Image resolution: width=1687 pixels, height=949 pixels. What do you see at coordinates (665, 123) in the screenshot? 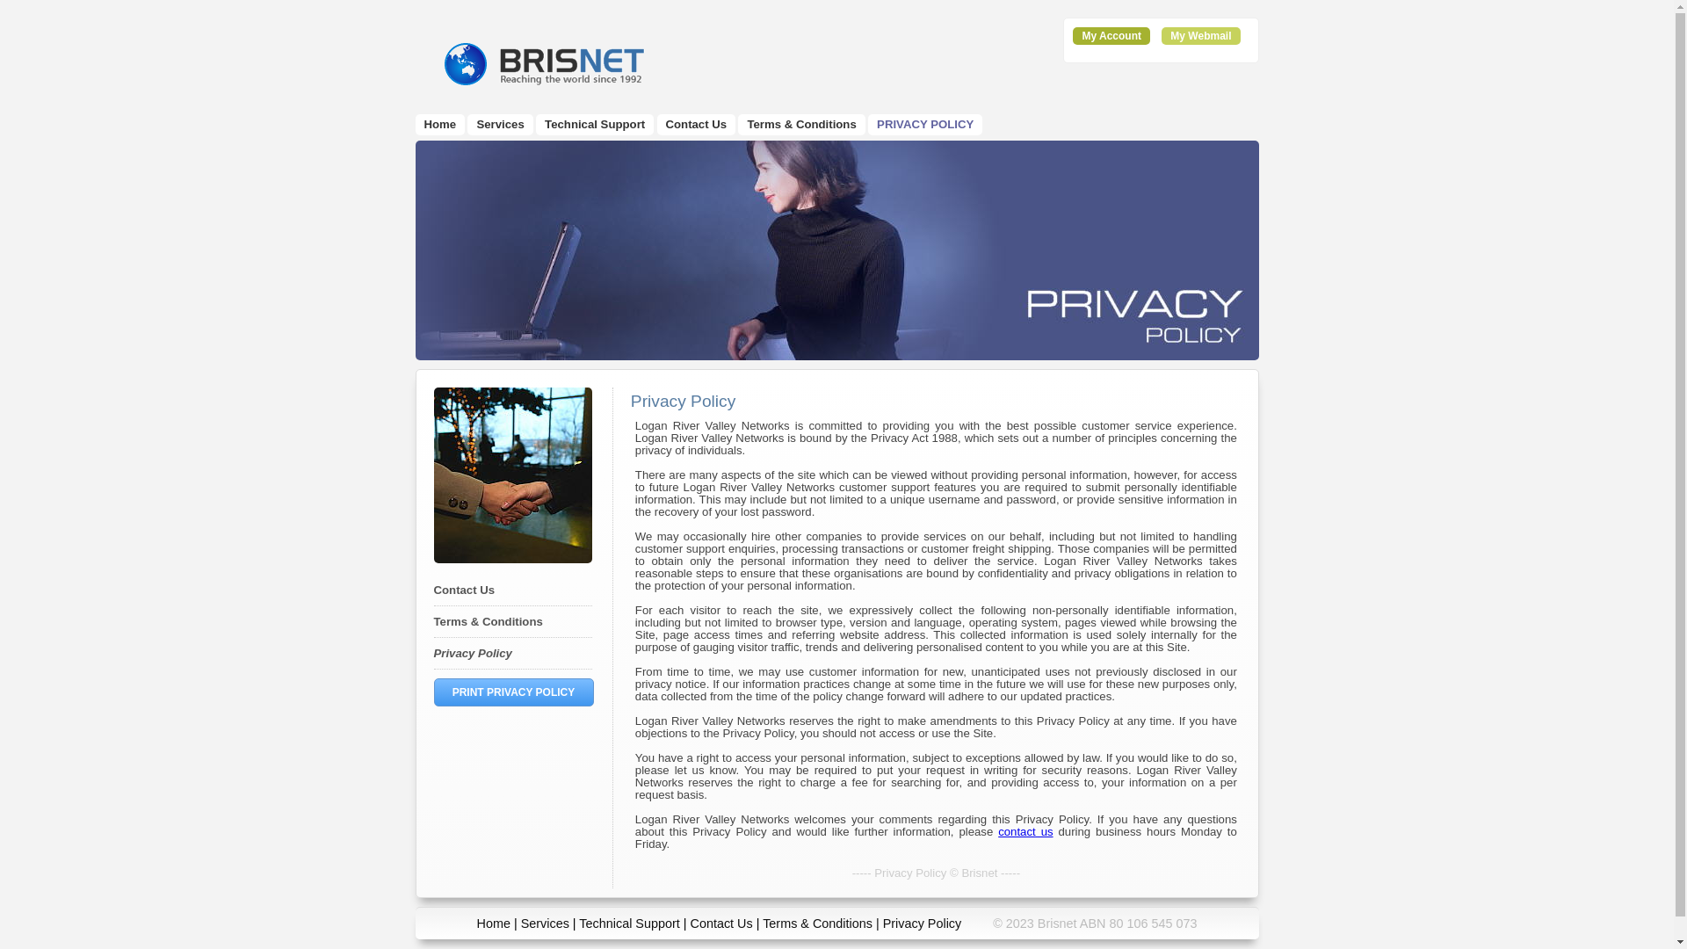
I see `'Contact Us'` at bounding box center [665, 123].